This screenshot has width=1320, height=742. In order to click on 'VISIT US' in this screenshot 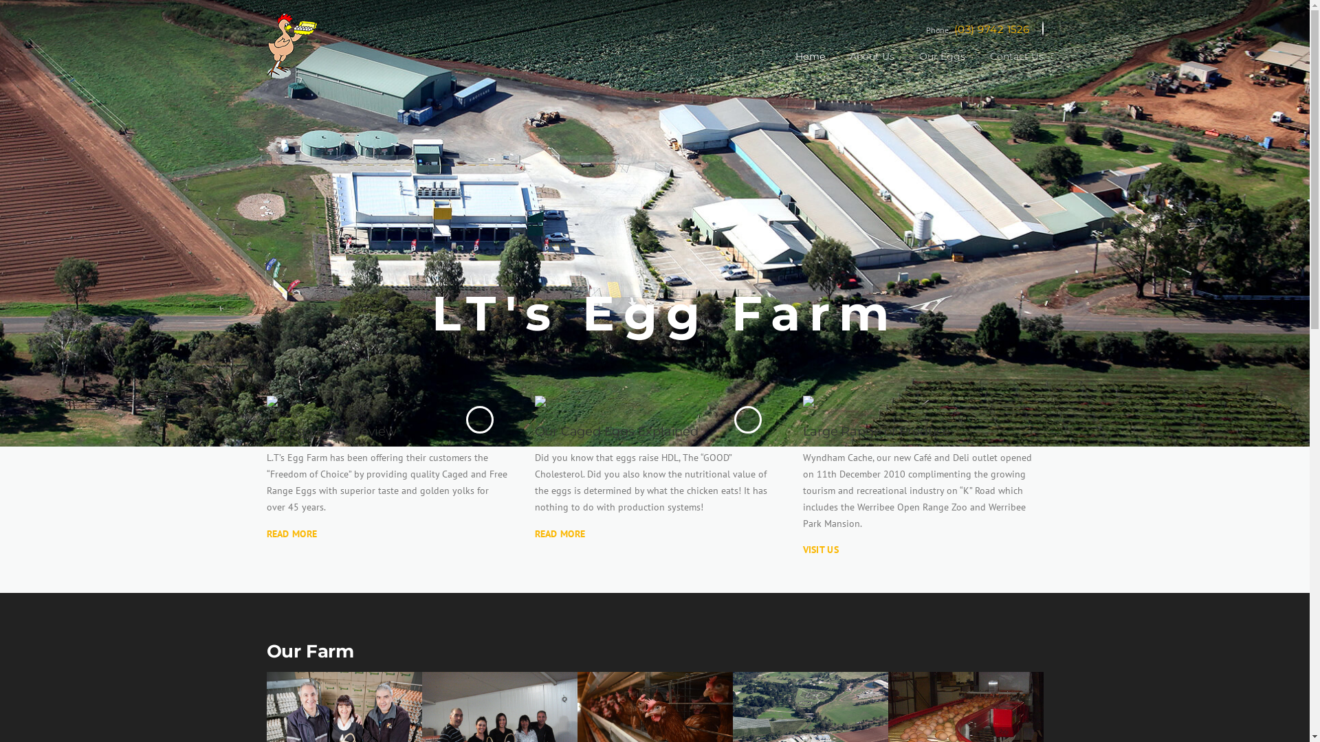, I will do `click(821, 548)`.